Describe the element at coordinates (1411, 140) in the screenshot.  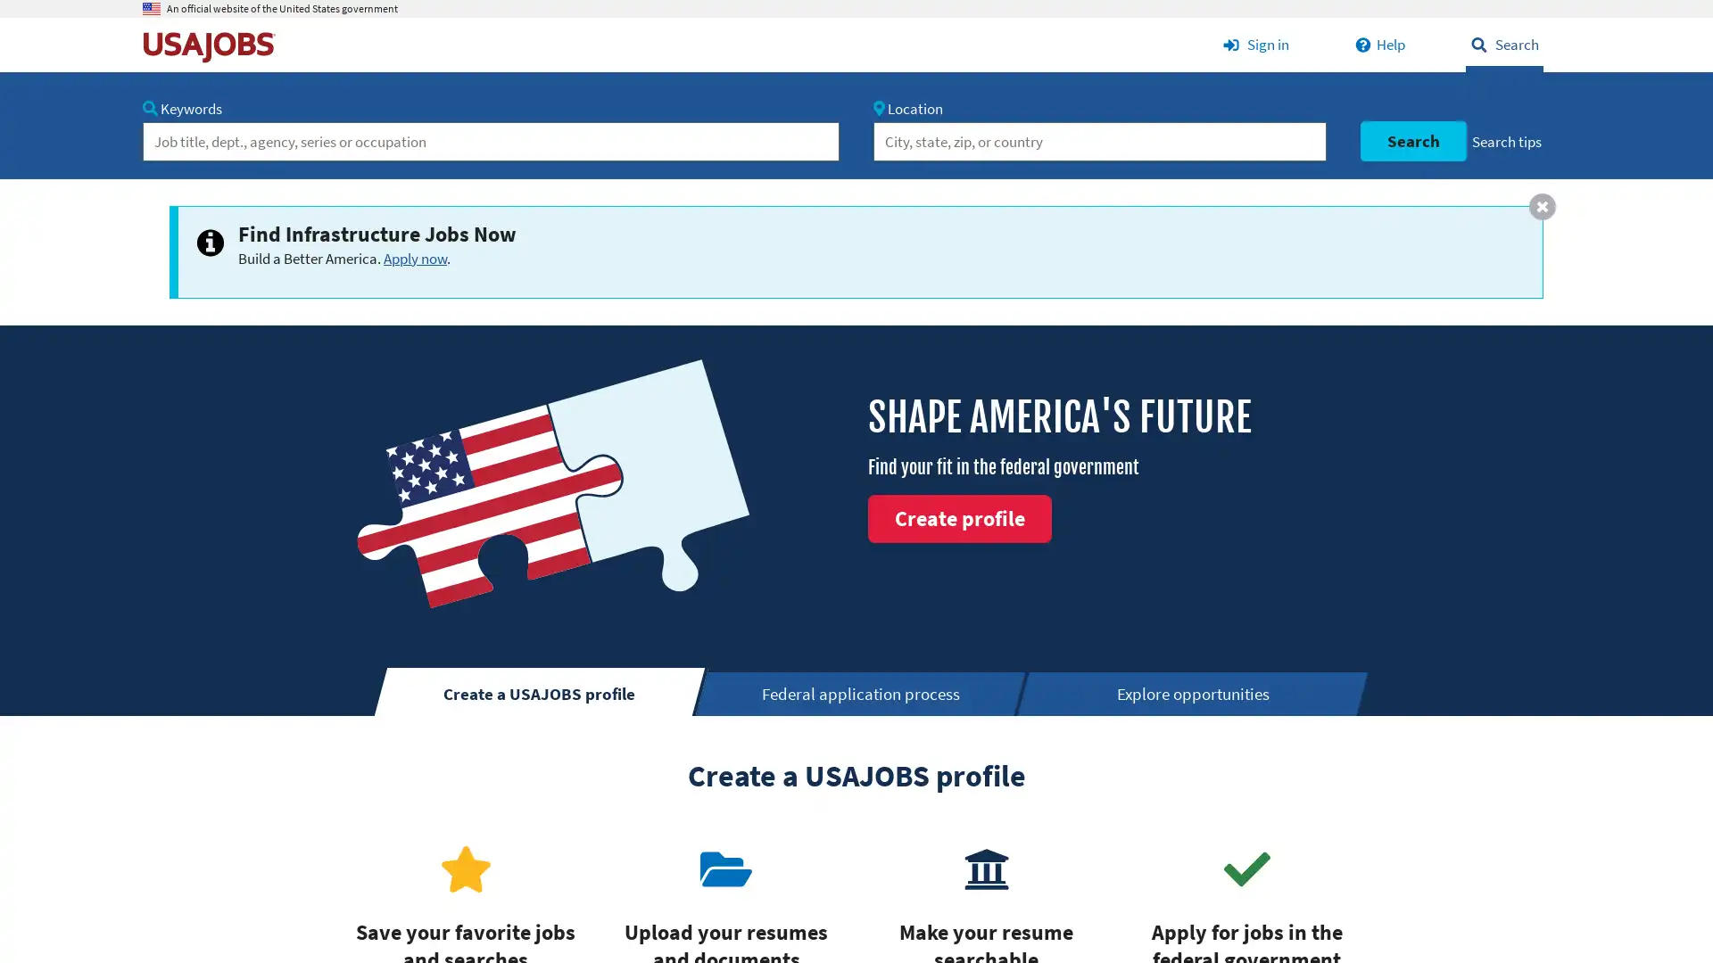
I see `Search` at that location.